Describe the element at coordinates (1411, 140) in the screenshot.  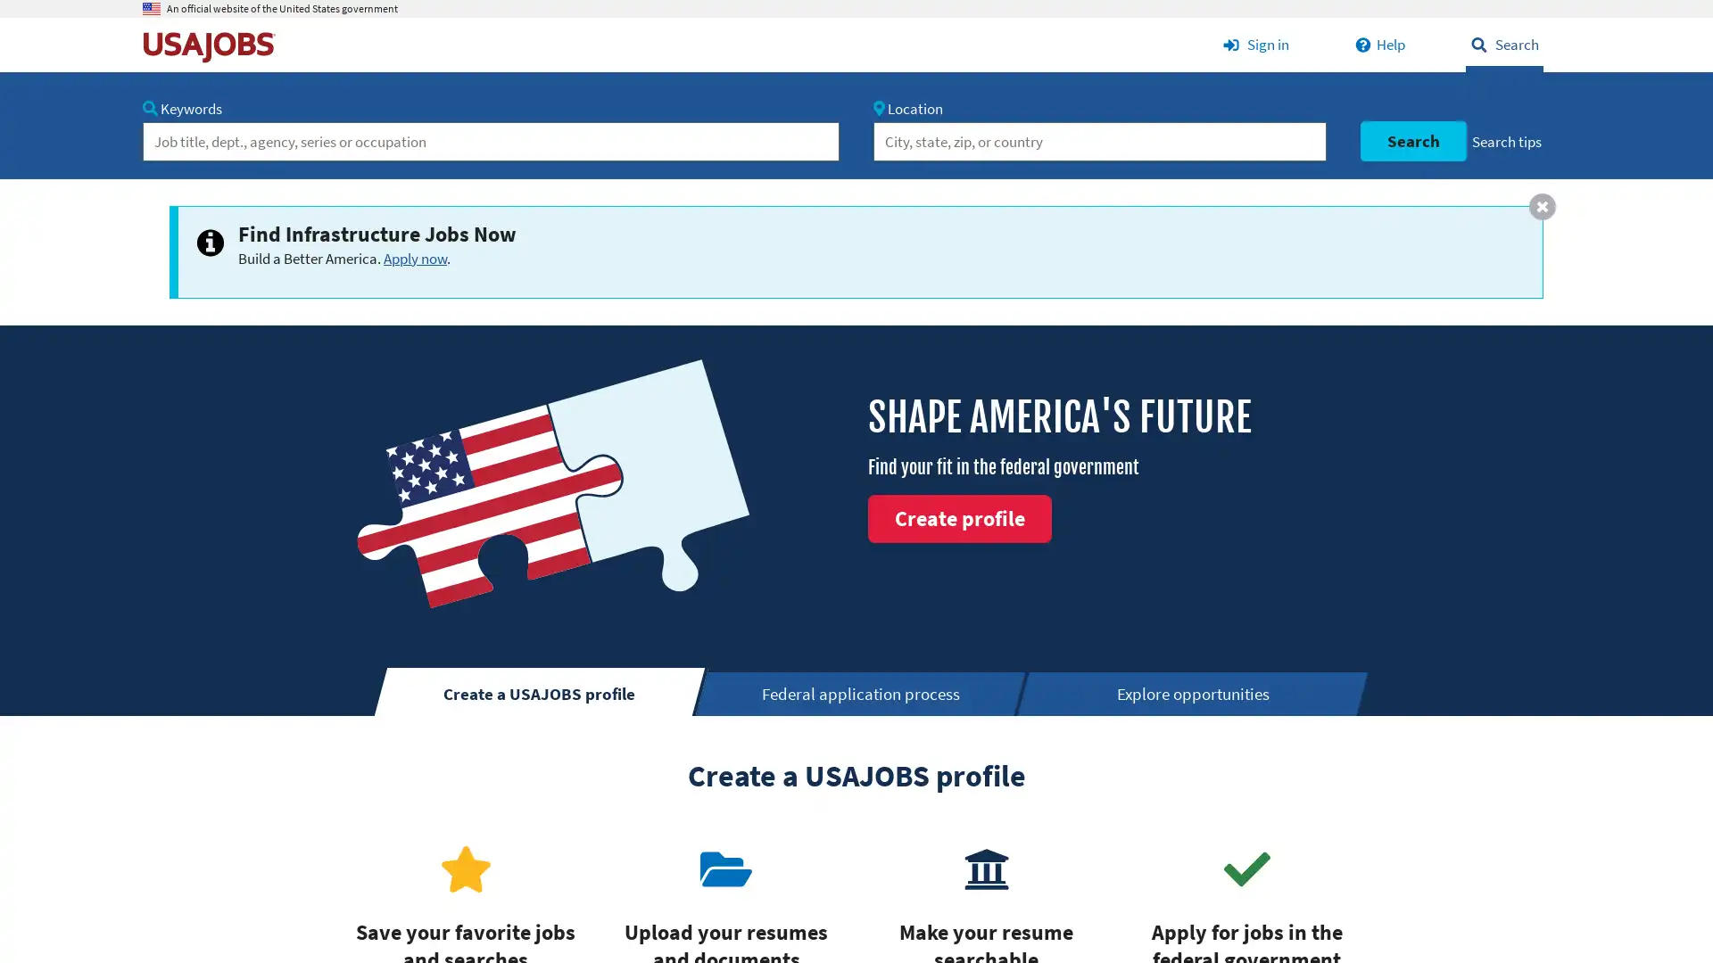
I see `Search` at that location.